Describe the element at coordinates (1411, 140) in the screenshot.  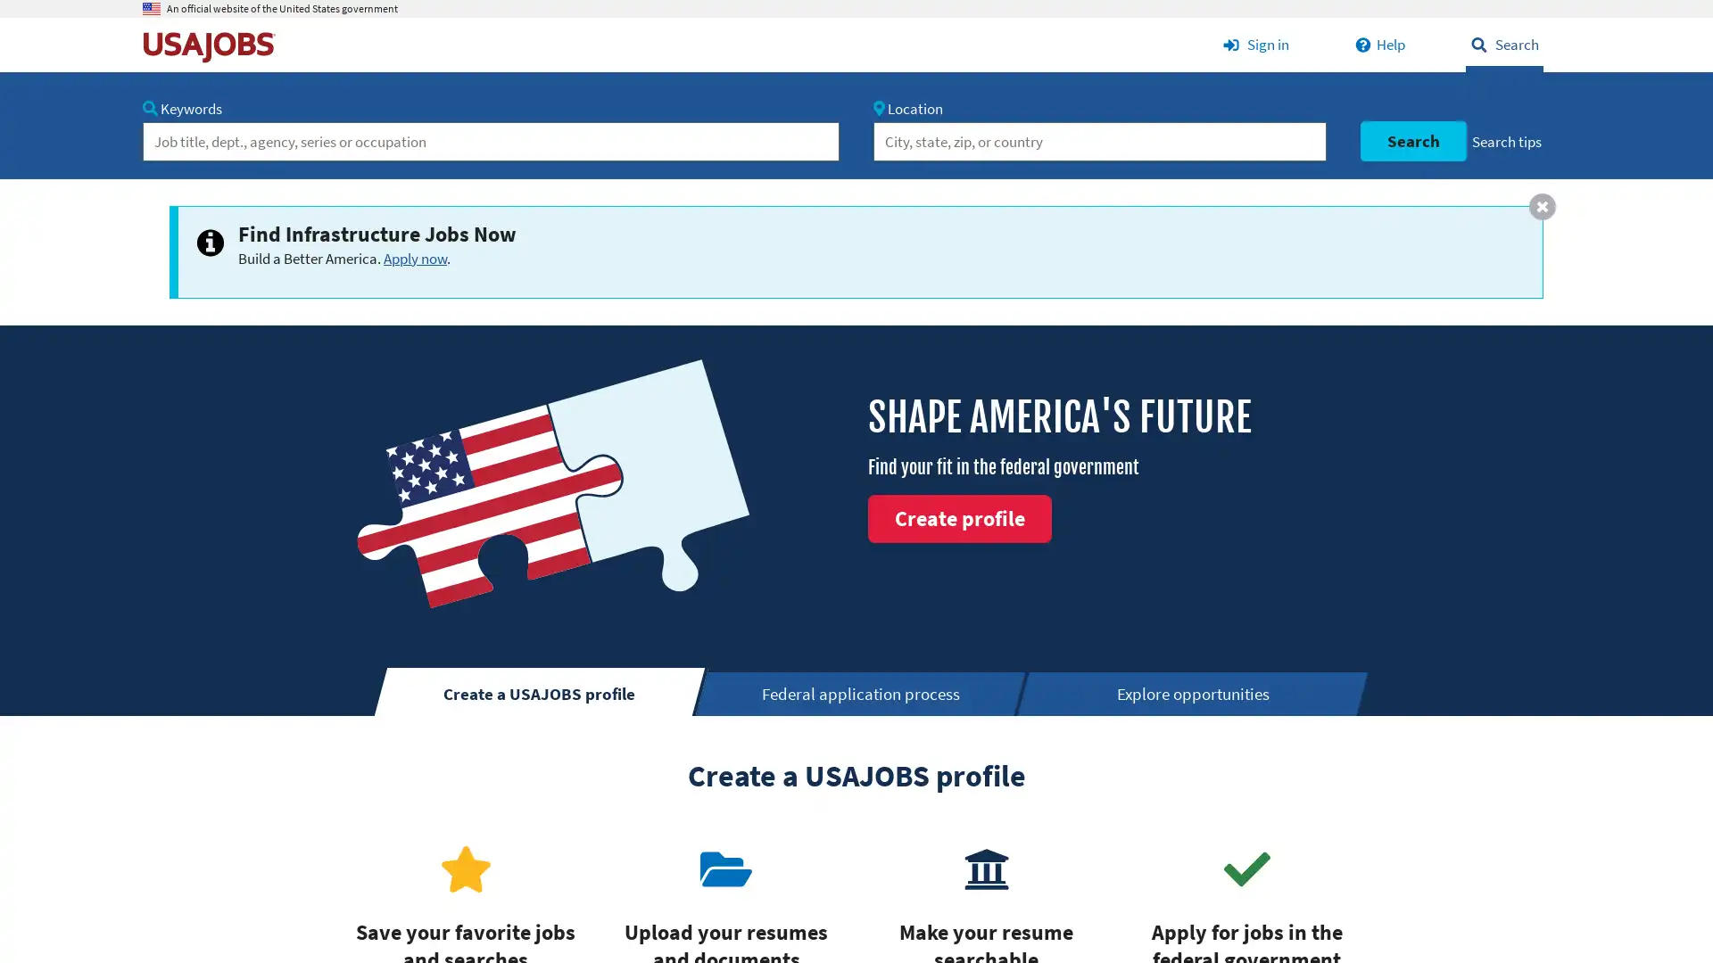
I see `Search` at that location.